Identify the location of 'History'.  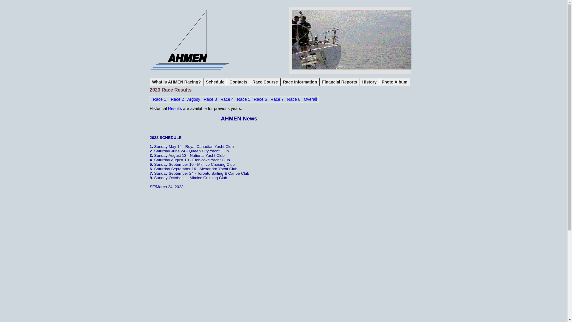
(360, 82).